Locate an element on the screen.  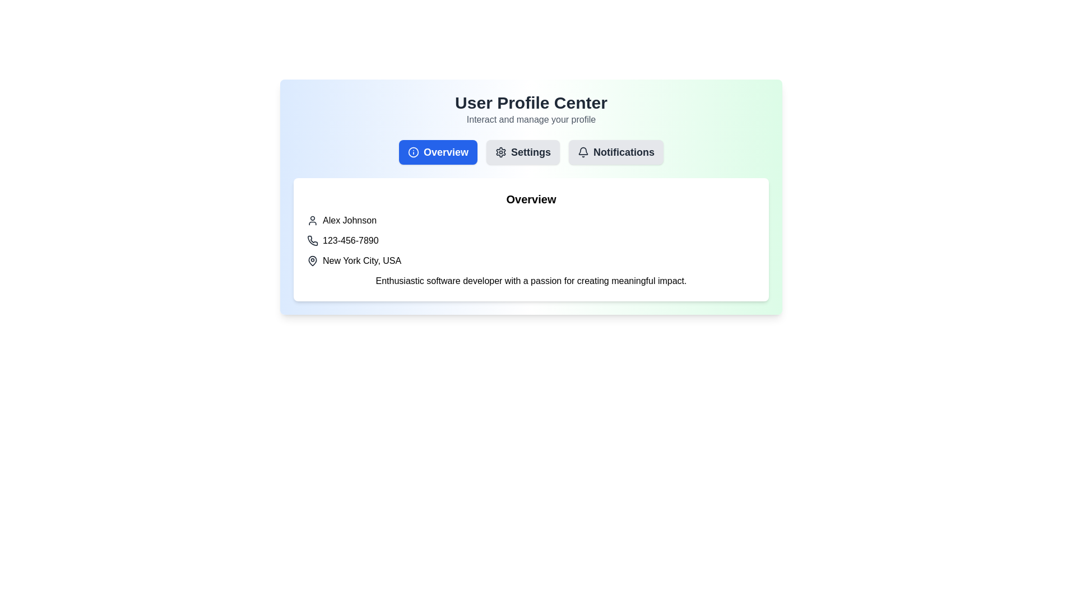
the 'Overview' button label text, which is centered within a blue button on the left-most side of the navigation section is located at coordinates (446, 152).